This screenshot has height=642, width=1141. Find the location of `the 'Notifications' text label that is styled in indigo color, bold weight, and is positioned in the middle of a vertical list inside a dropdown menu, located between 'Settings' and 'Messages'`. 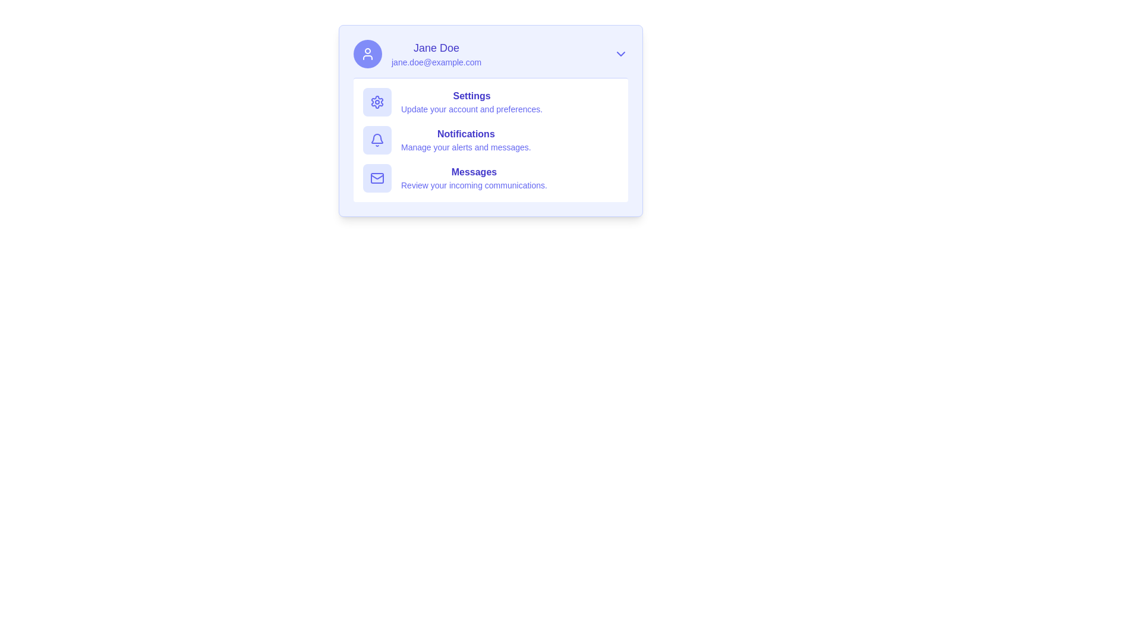

the 'Notifications' text label that is styled in indigo color, bold weight, and is positioned in the middle of a vertical list inside a dropdown menu, located between 'Settings' and 'Messages' is located at coordinates (465, 134).